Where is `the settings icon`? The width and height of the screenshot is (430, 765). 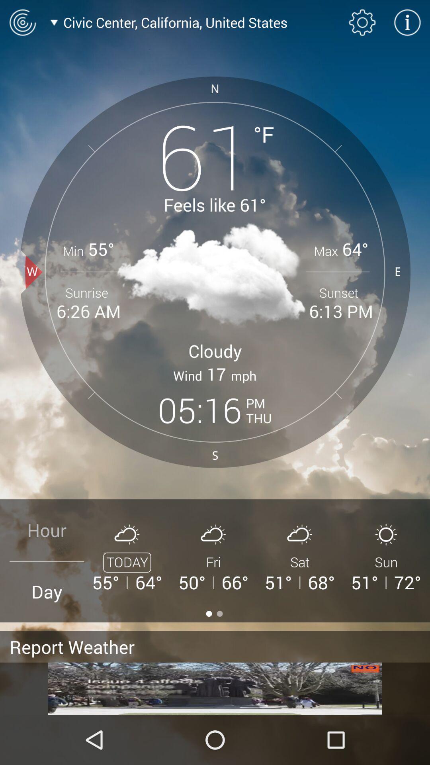 the settings icon is located at coordinates (362, 22).